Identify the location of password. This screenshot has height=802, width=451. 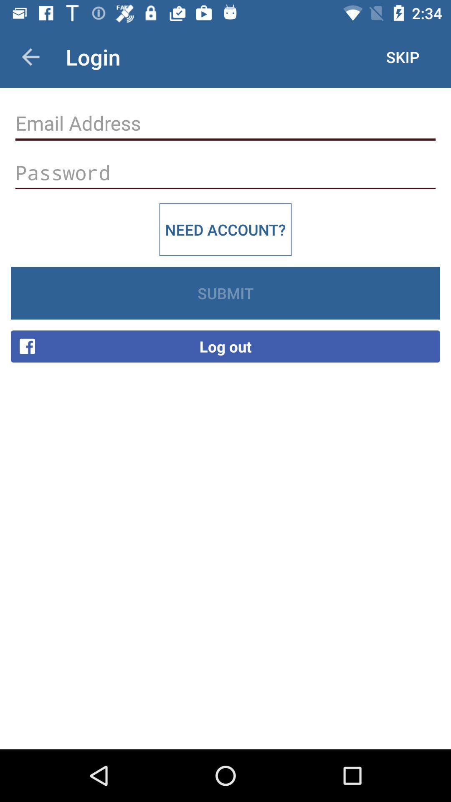
(225, 172).